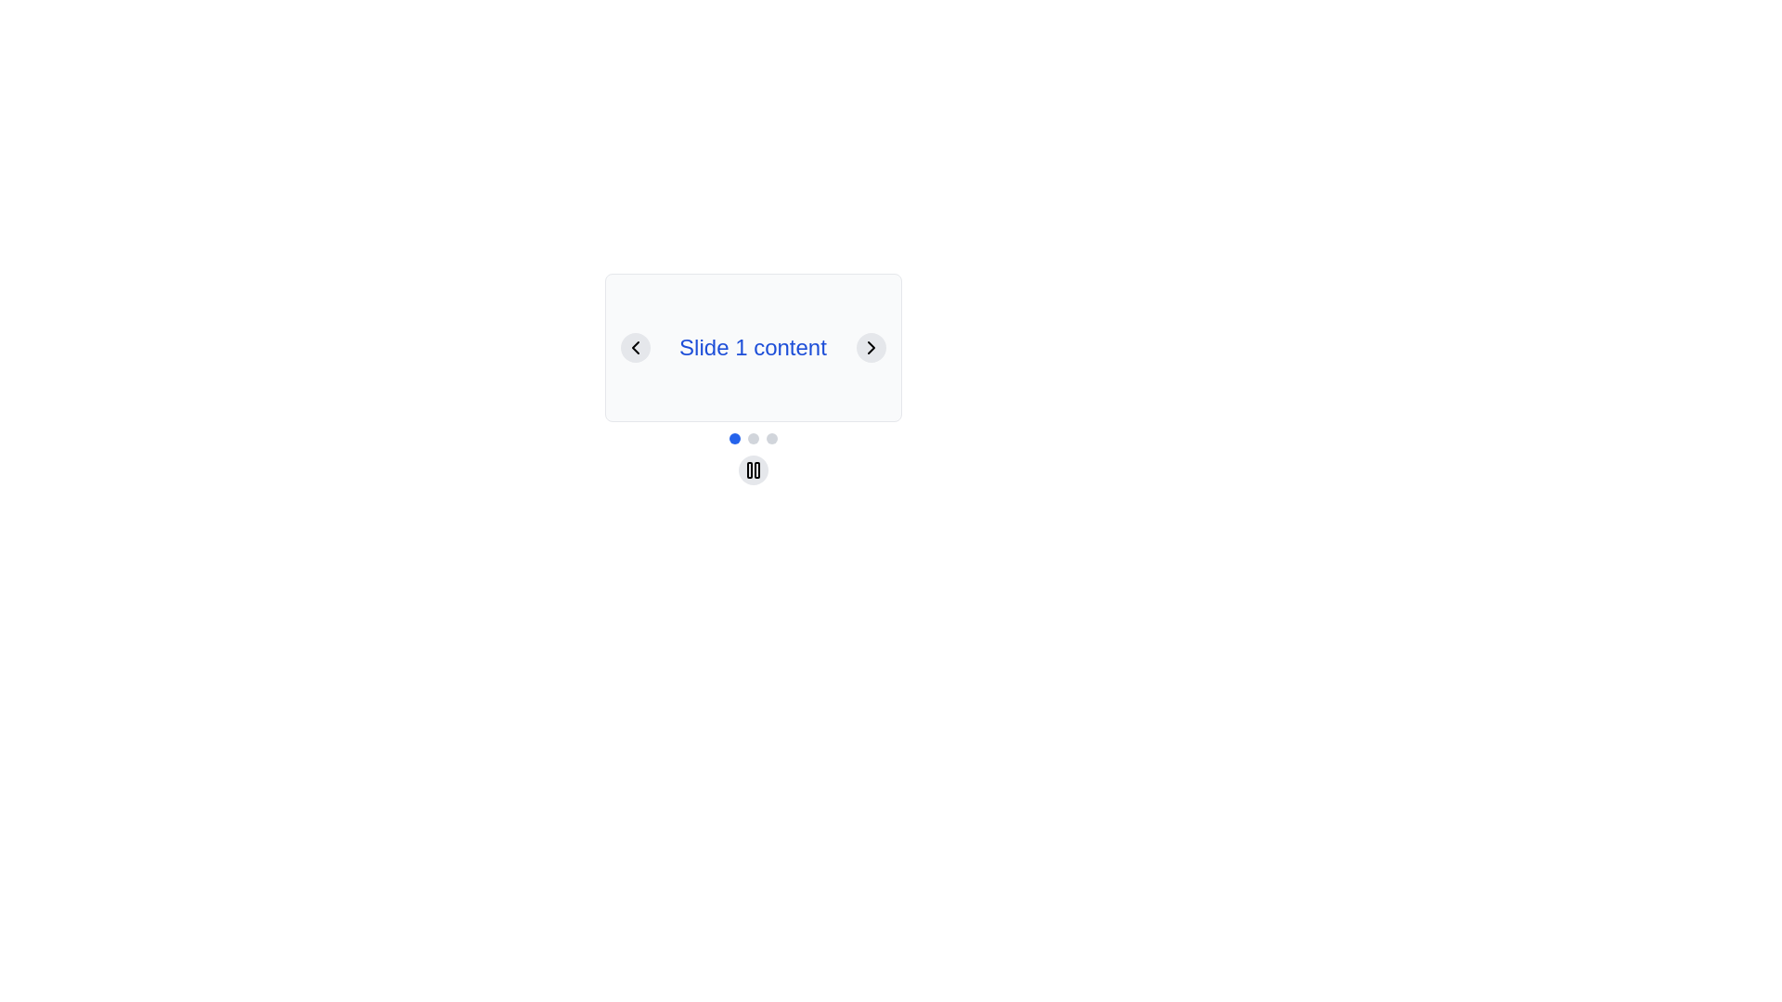 Image resolution: width=1782 pixels, height=1002 pixels. I want to click on the central text element that displays content for a specific slide in the slideshow, located within a horizontally elongated white box, so click(753, 347).